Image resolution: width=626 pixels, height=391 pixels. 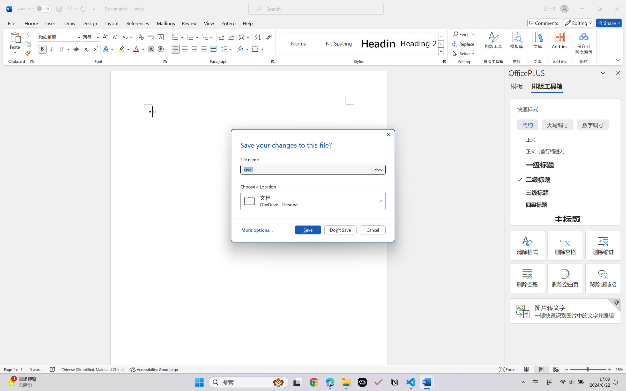 I want to click on 'Repeat Style', so click(x=83, y=9).